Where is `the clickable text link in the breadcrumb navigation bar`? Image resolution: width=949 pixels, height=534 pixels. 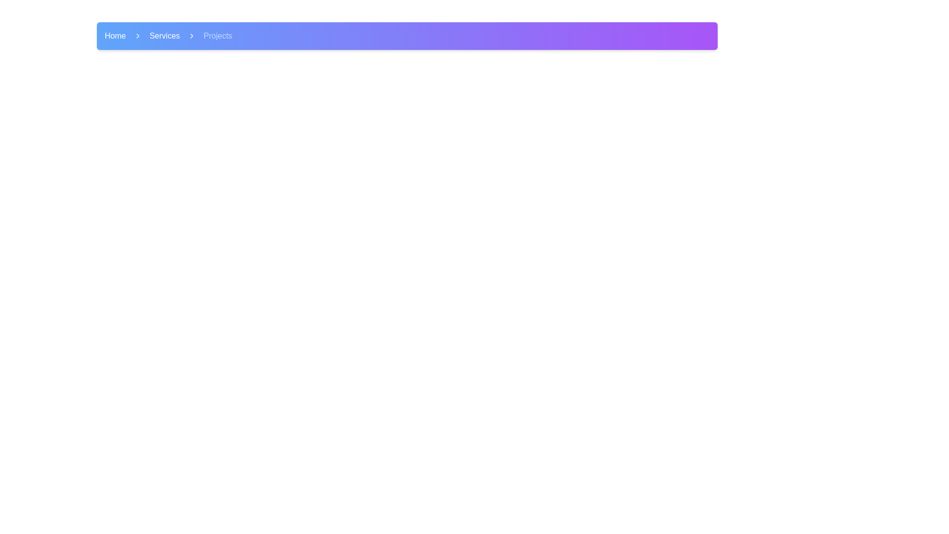 the clickable text link in the breadcrumb navigation bar is located at coordinates (165, 35).